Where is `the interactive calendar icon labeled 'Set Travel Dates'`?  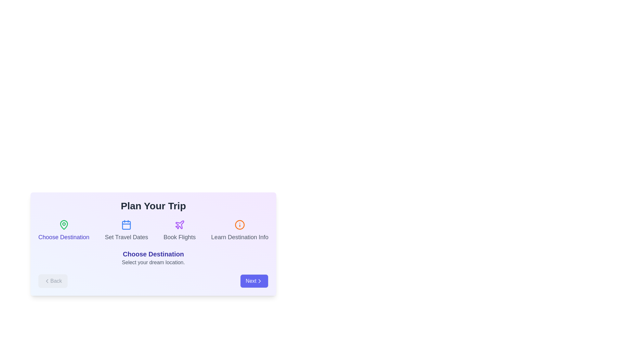 the interactive calendar icon labeled 'Set Travel Dates' is located at coordinates (126, 230).